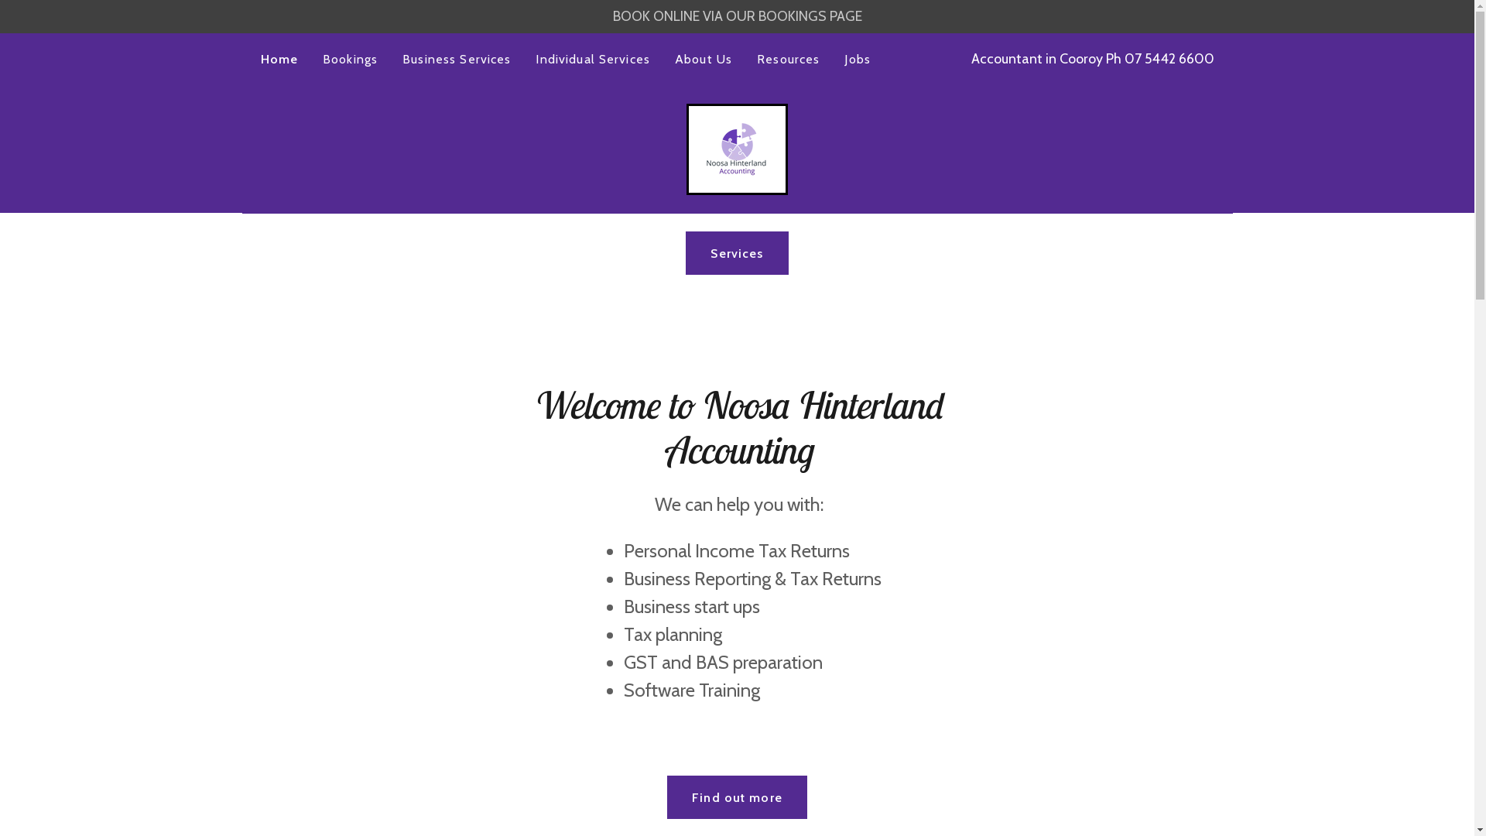 This screenshot has height=836, width=1486. What do you see at coordinates (735, 252) in the screenshot?
I see `'Services'` at bounding box center [735, 252].